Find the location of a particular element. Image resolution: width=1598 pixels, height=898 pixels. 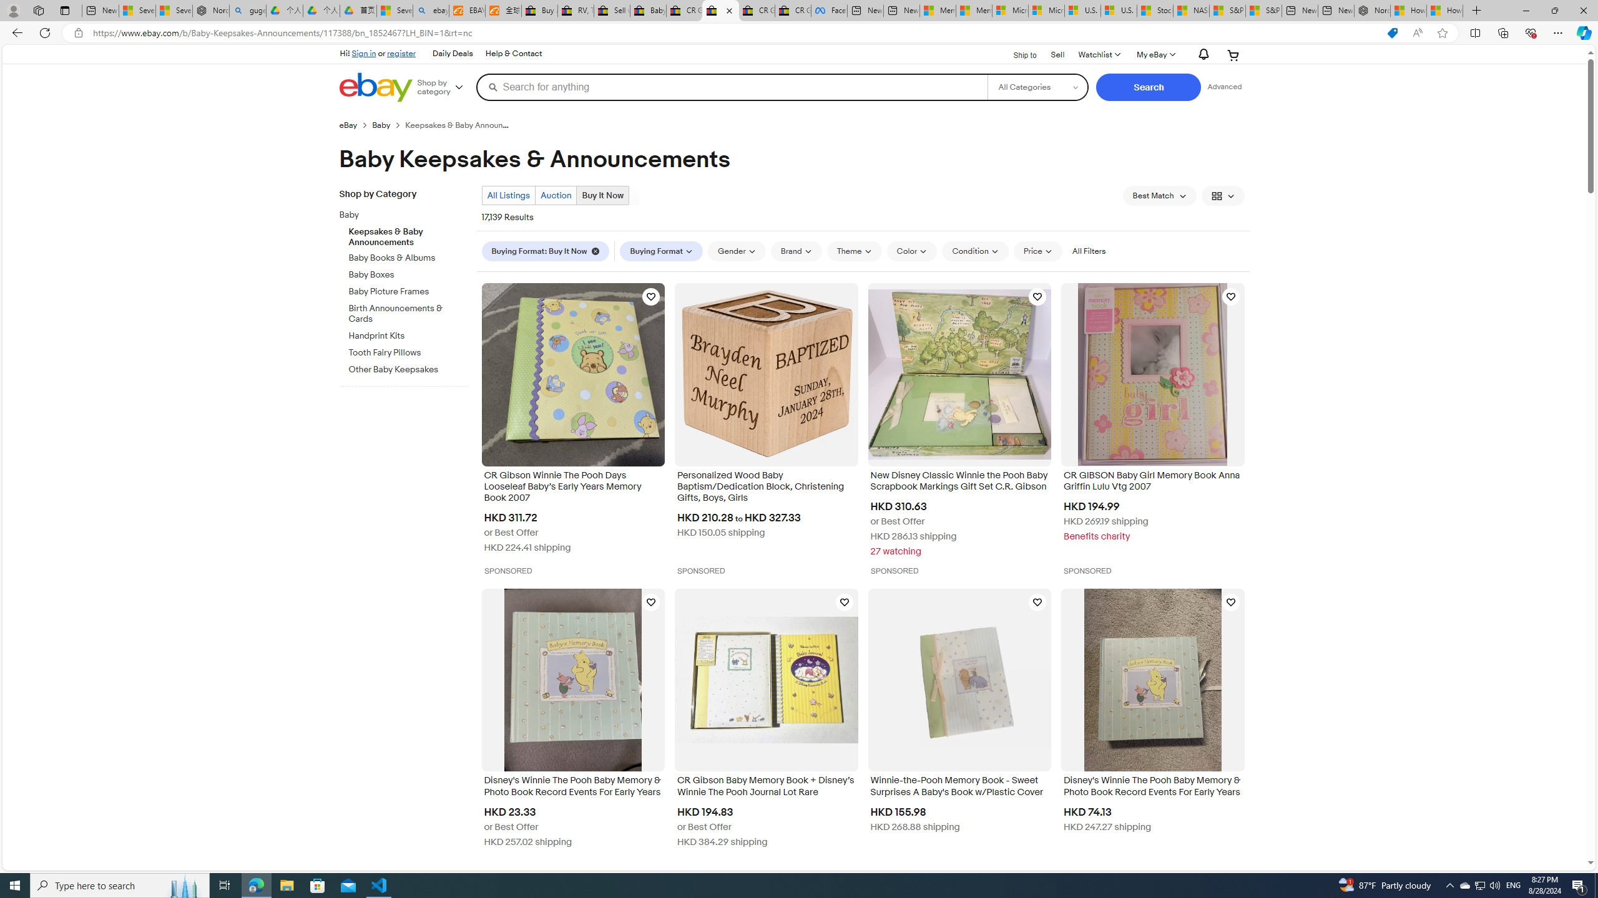

'Watchlist' is located at coordinates (1099, 54).